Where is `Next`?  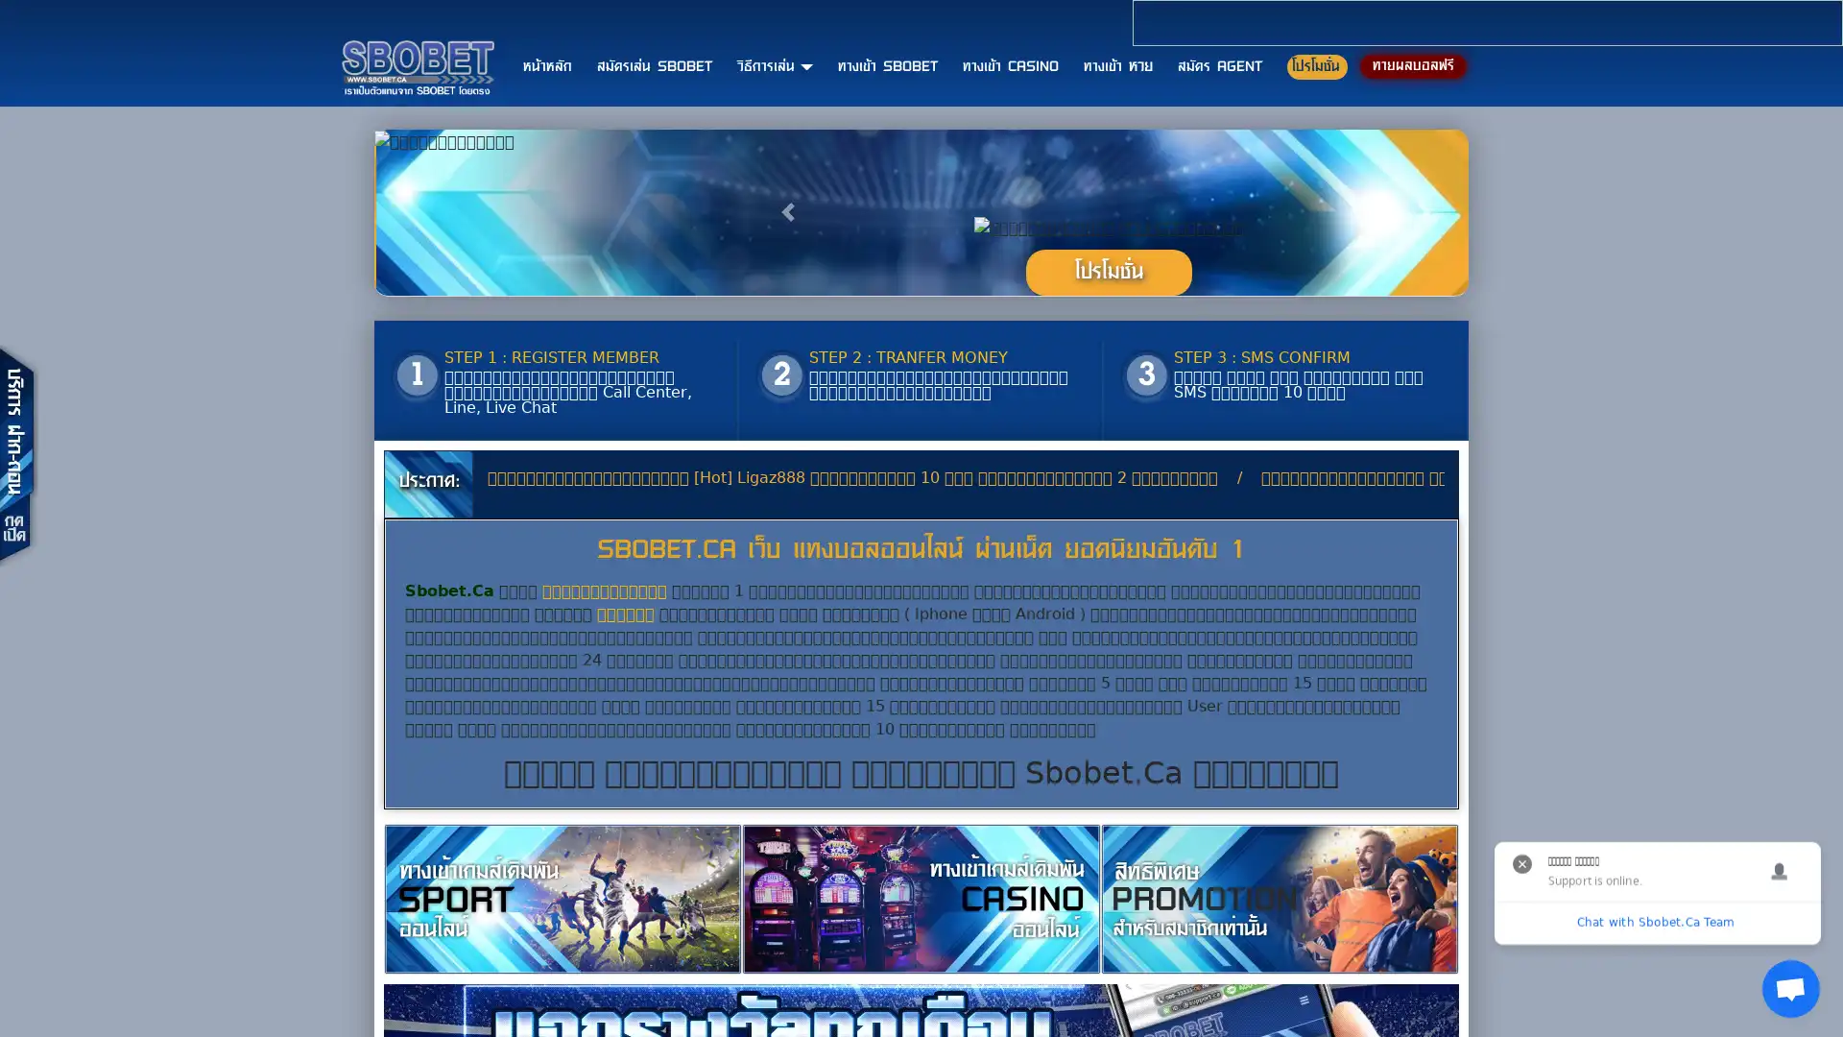 Next is located at coordinates (1426, 367).